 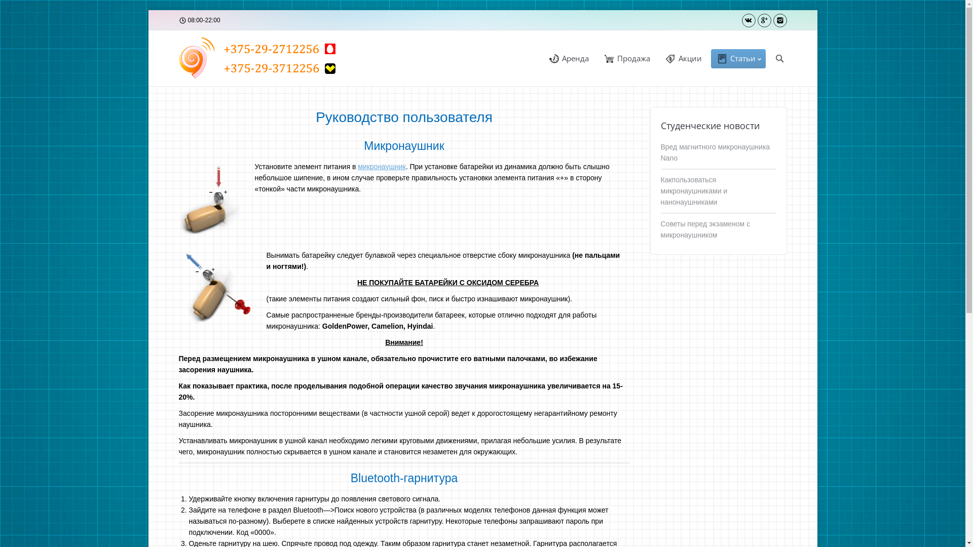 I want to click on 'VK', so click(x=749, y=20).